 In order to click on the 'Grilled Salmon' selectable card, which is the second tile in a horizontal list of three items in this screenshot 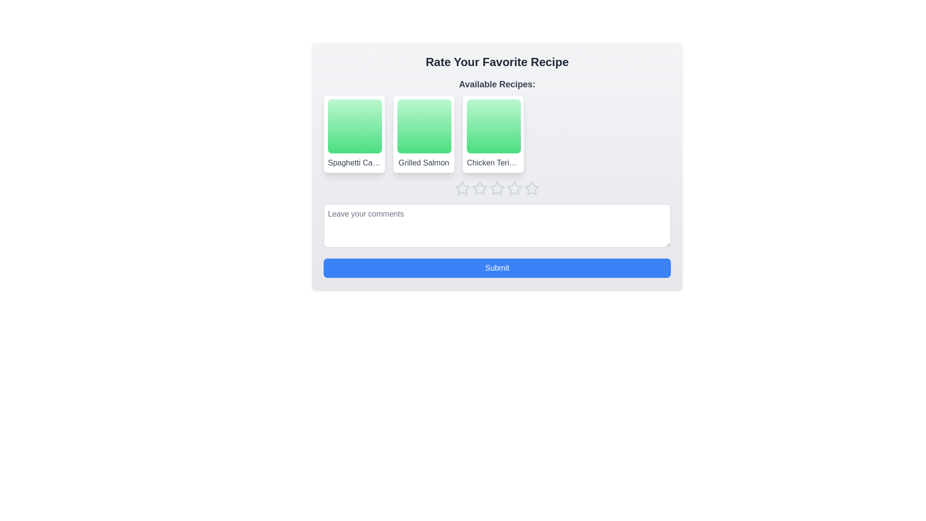, I will do `click(423, 134)`.